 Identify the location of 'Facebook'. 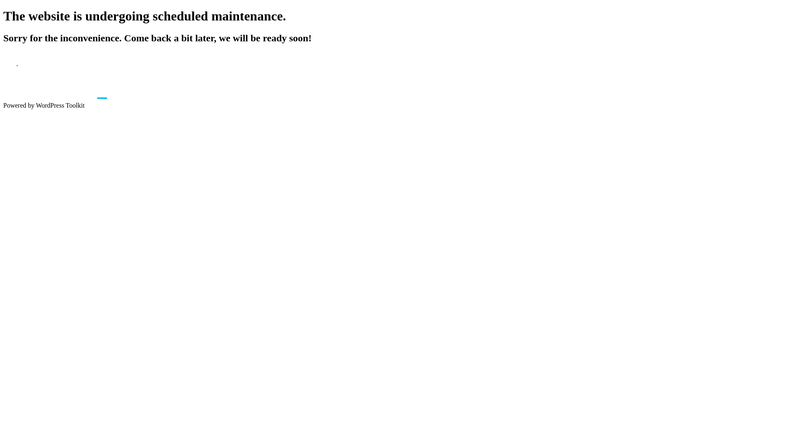
(10, 62).